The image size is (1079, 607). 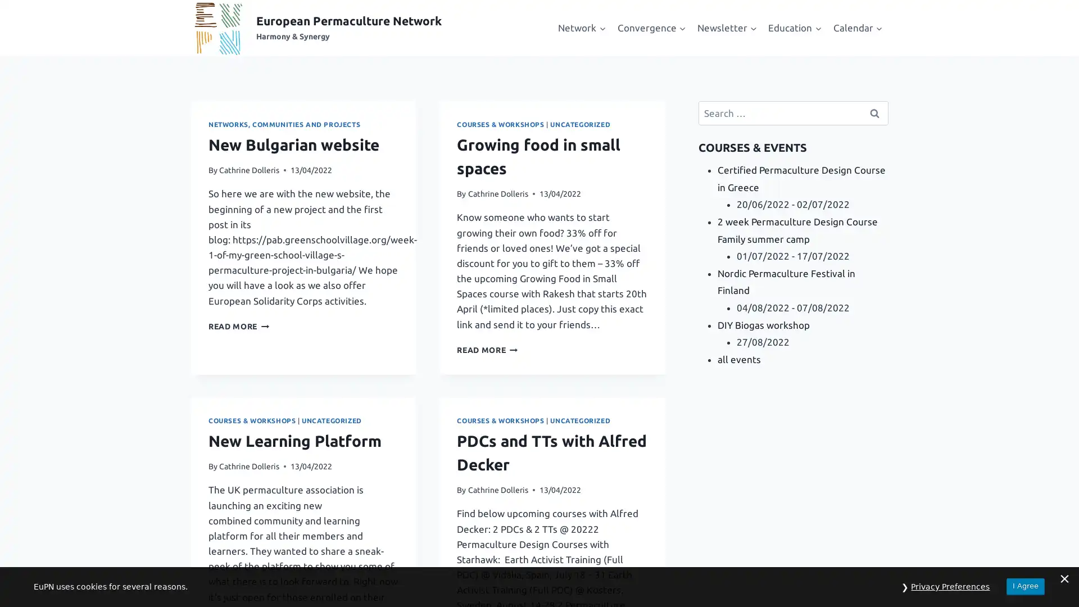 I want to click on Expand child menu, so click(x=727, y=27).